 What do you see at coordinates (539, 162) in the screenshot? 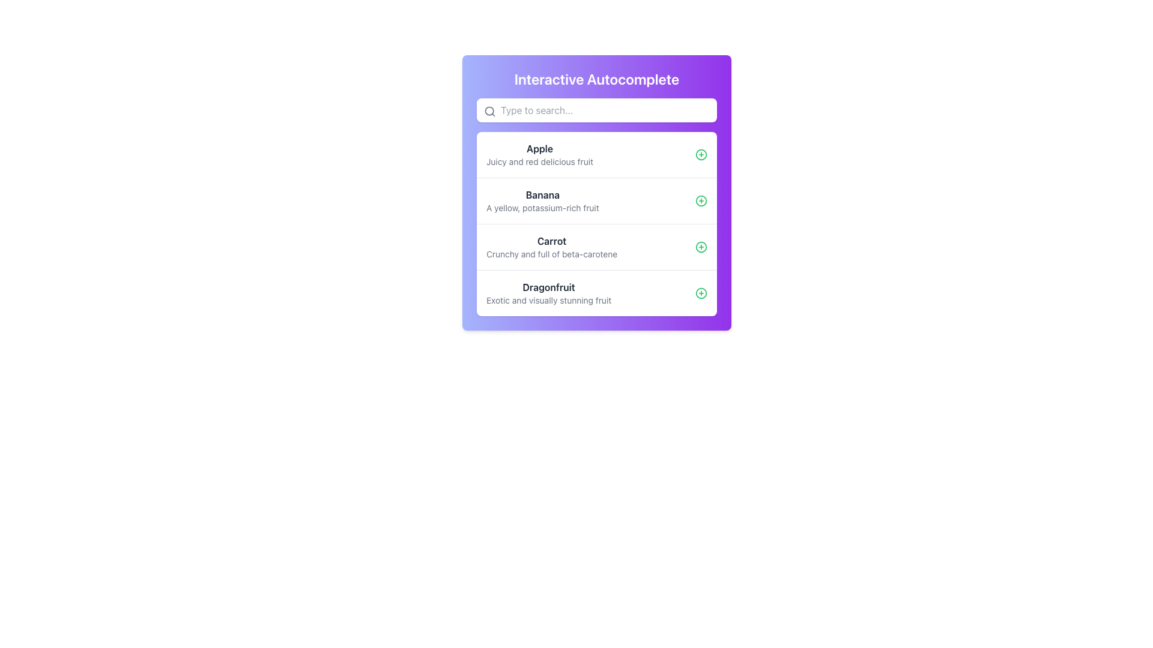
I see `the descriptive text for the 'Apple' item, which provides additional information about its qualities, located beneath the title 'Apple' in the autocomplete component's first list item` at bounding box center [539, 162].